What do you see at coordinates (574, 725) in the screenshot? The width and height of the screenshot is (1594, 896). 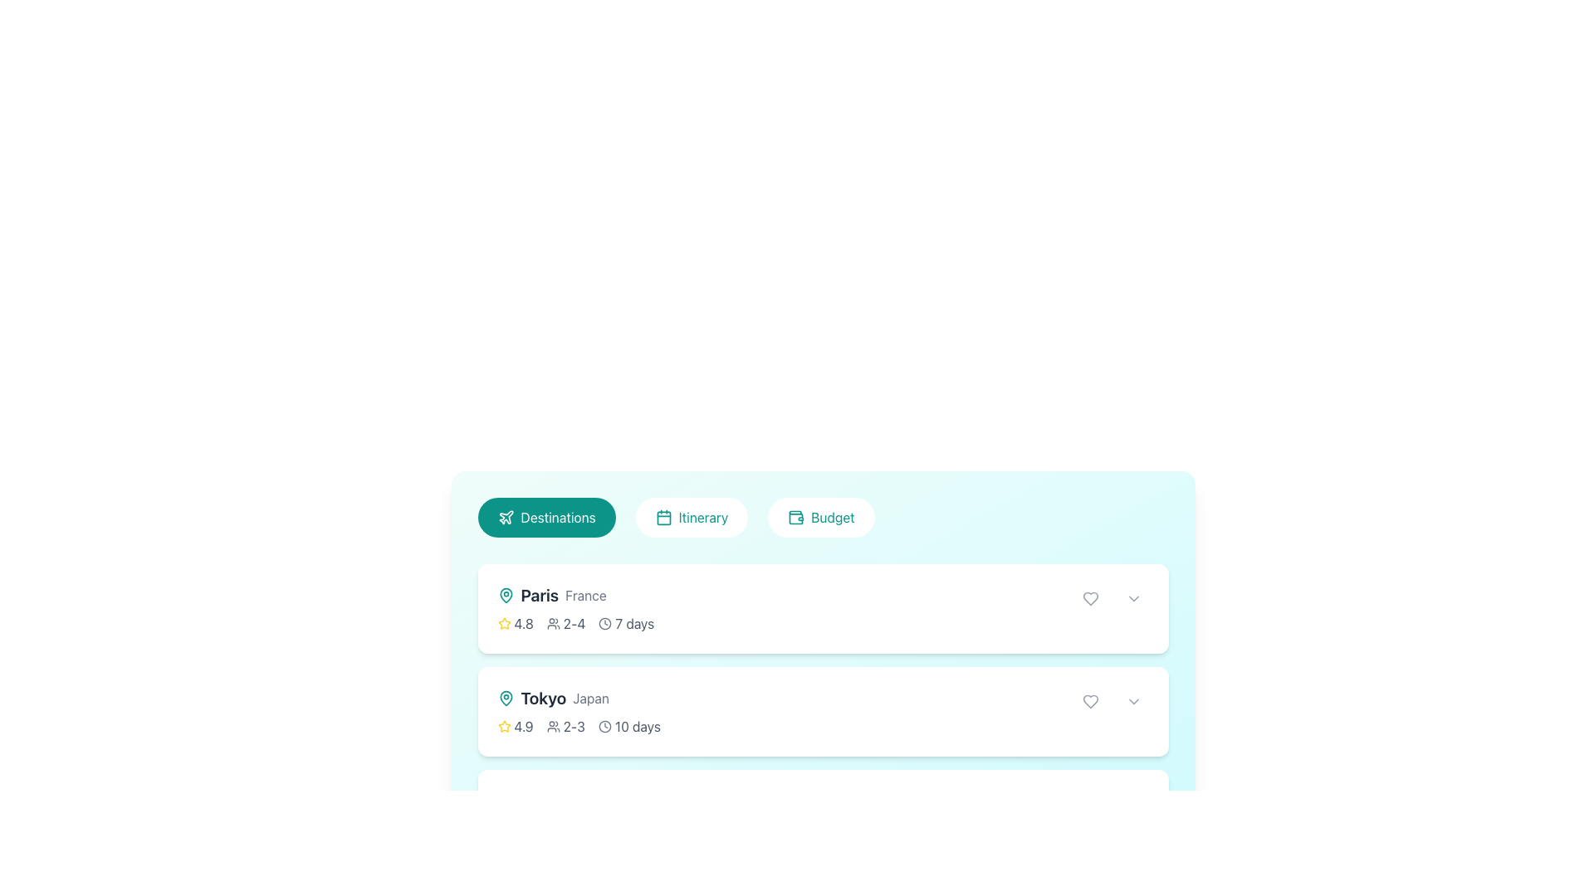 I see `text label indicating the expected number of participants or group size related to the Tokyo destination, located below the star rating section and to the left of the duration text` at bounding box center [574, 725].